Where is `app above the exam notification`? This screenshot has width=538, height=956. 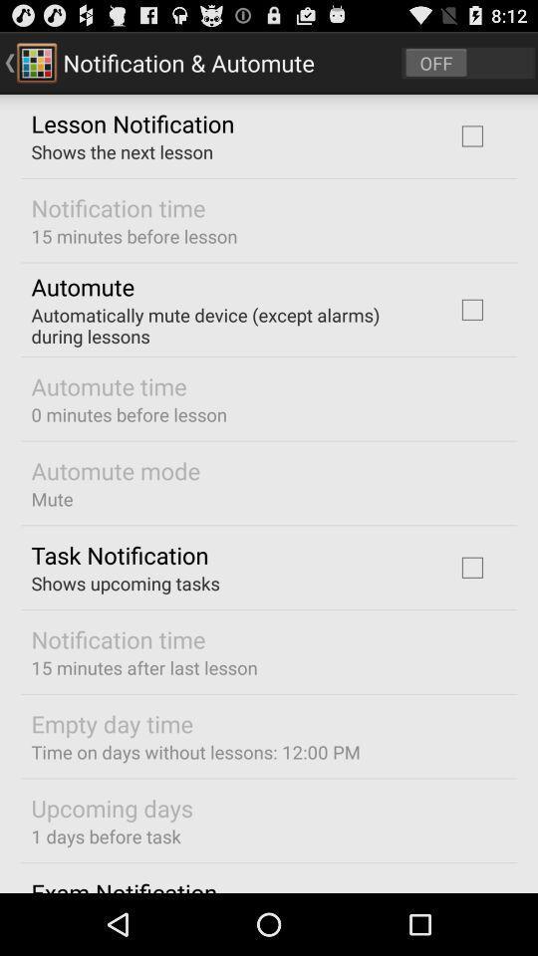
app above the exam notification is located at coordinates (106, 836).